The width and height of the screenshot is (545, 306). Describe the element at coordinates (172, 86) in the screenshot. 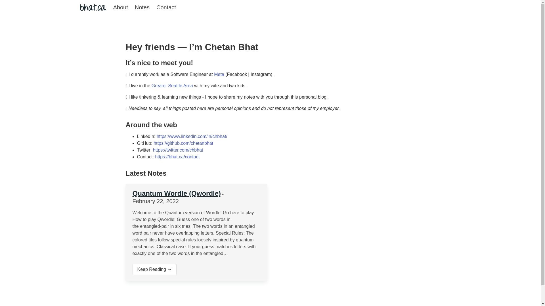

I see `'Greater Seattle Area'` at that location.